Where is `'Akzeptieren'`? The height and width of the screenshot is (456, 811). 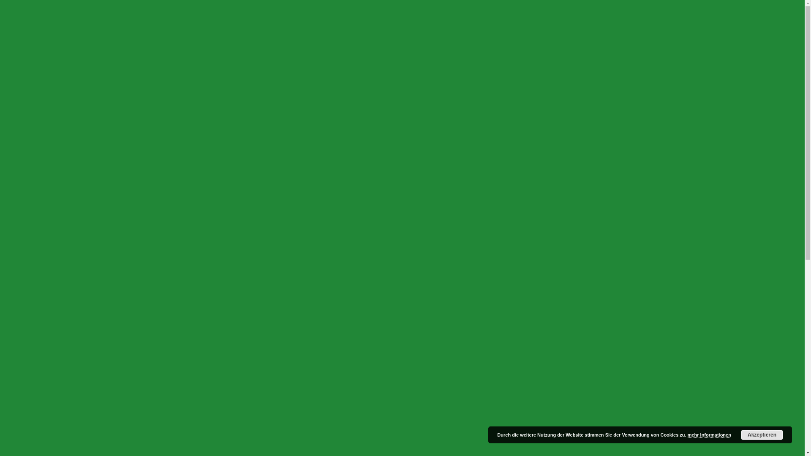 'Akzeptieren' is located at coordinates (762, 434).